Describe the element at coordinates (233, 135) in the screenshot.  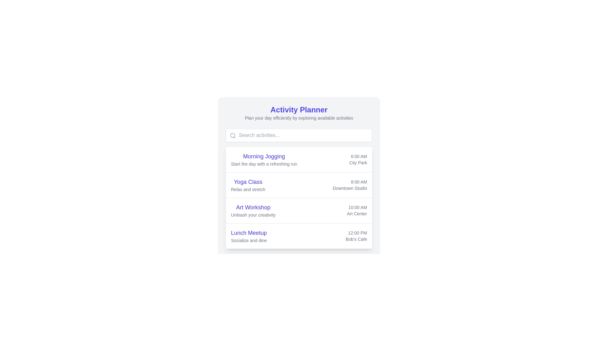
I see `the search icon located near the left edge of the search bar at the top of the activity list section, which serves as a visual indicator for searching` at that location.